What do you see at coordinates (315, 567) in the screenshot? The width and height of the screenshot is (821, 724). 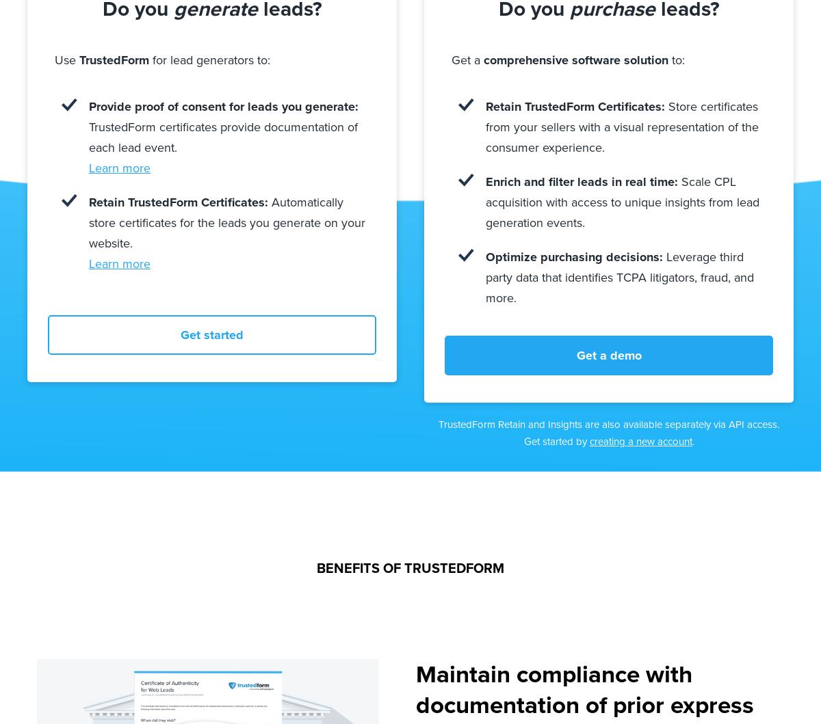 I see `'BENEFITS OF TRUSTEDFORM'` at bounding box center [315, 567].